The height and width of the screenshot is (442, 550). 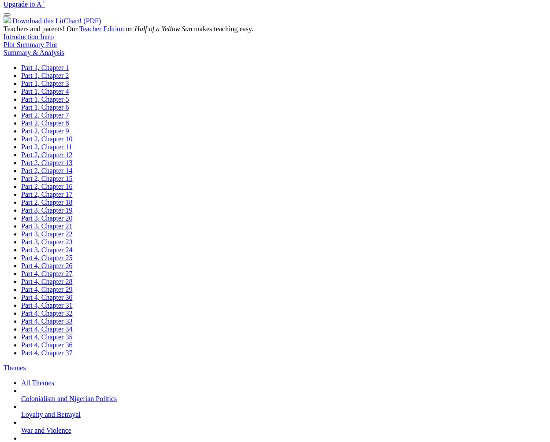 What do you see at coordinates (46, 170) in the screenshot?
I see `'Part 2, Chapter 14'` at bounding box center [46, 170].